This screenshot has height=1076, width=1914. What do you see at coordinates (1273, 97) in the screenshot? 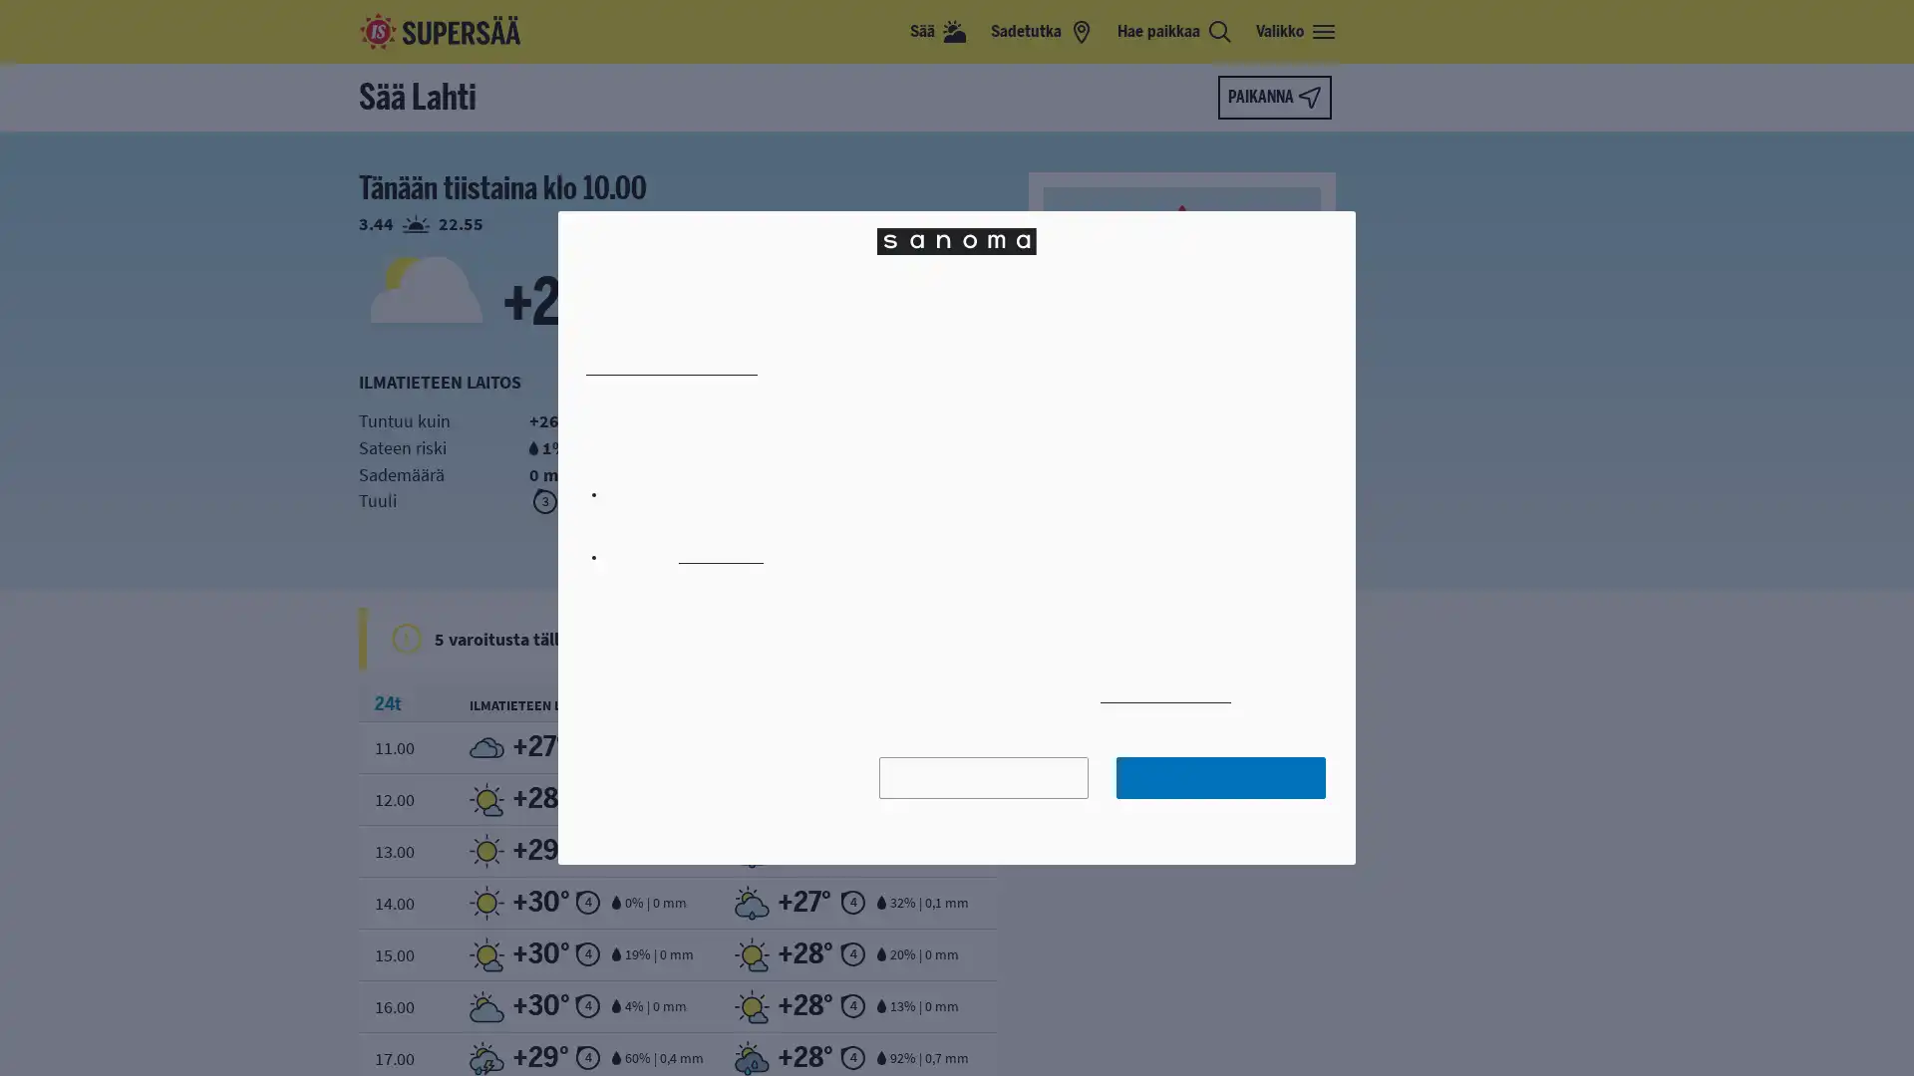
I see `Paikanna minut` at bounding box center [1273, 97].